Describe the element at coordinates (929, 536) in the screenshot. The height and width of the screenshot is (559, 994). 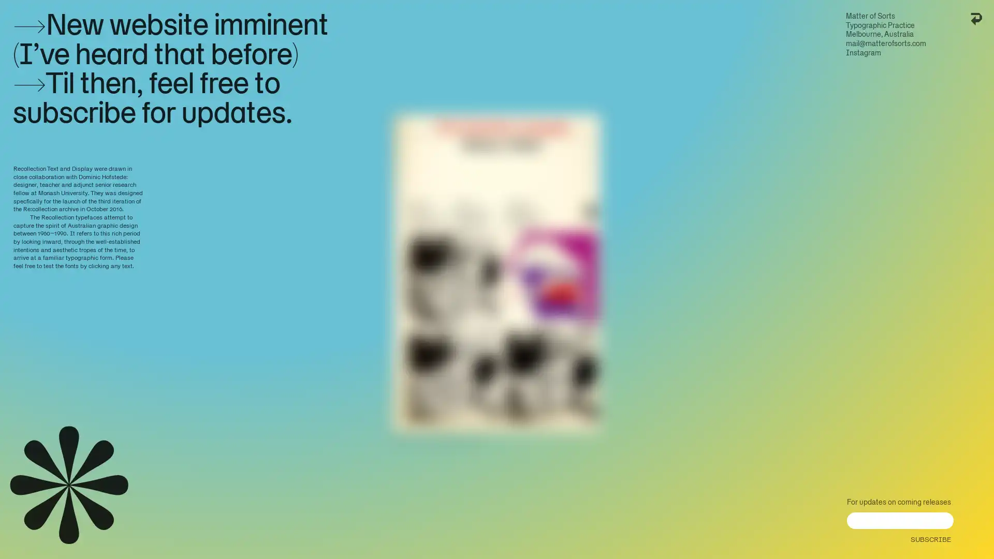
I see `Subscribe` at that location.